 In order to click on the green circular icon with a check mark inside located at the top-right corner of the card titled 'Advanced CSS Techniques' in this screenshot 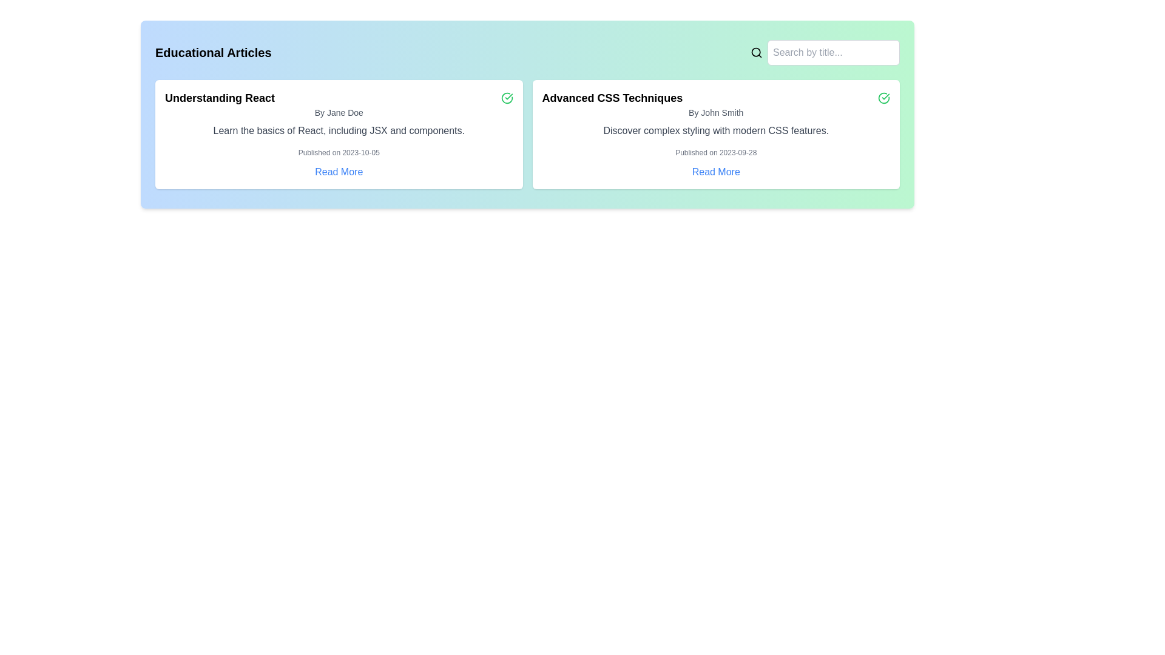, I will do `click(884, 98)`.